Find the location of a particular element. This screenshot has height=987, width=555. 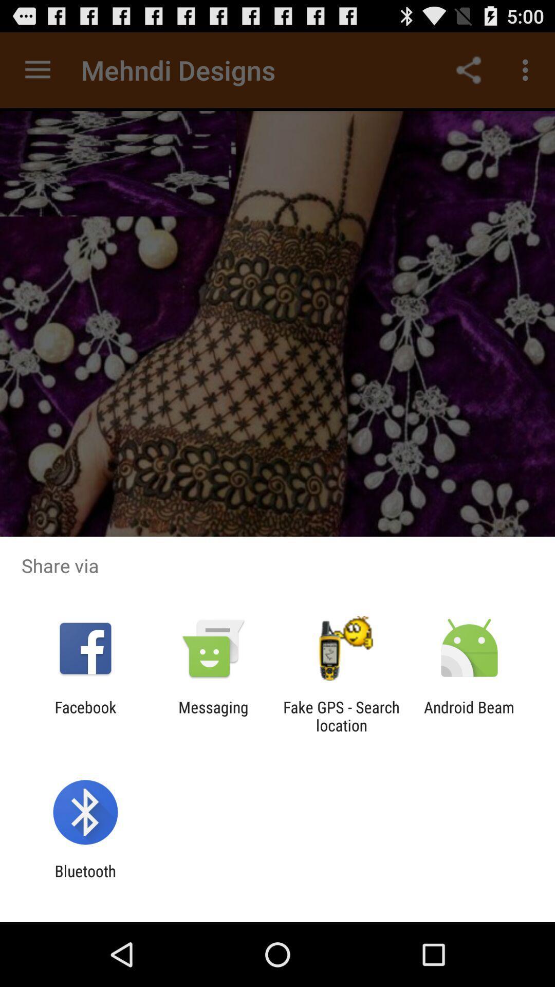

the item to the right of facebook is located at coordinates (213, 716).